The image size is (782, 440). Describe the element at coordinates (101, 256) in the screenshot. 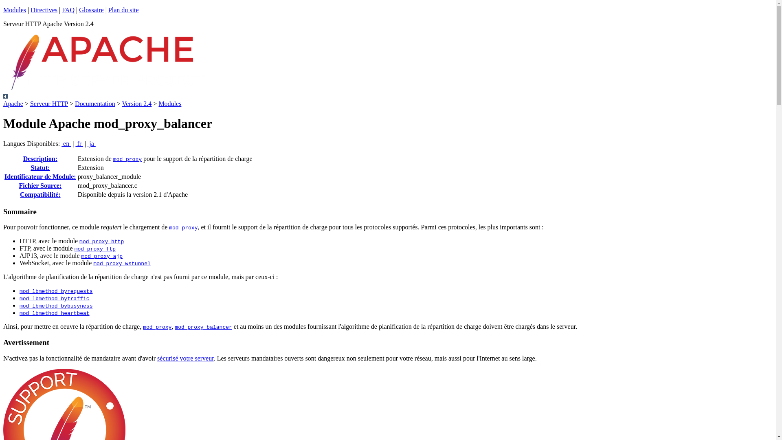

I see `'mod_proxy_ajp'` at that location.